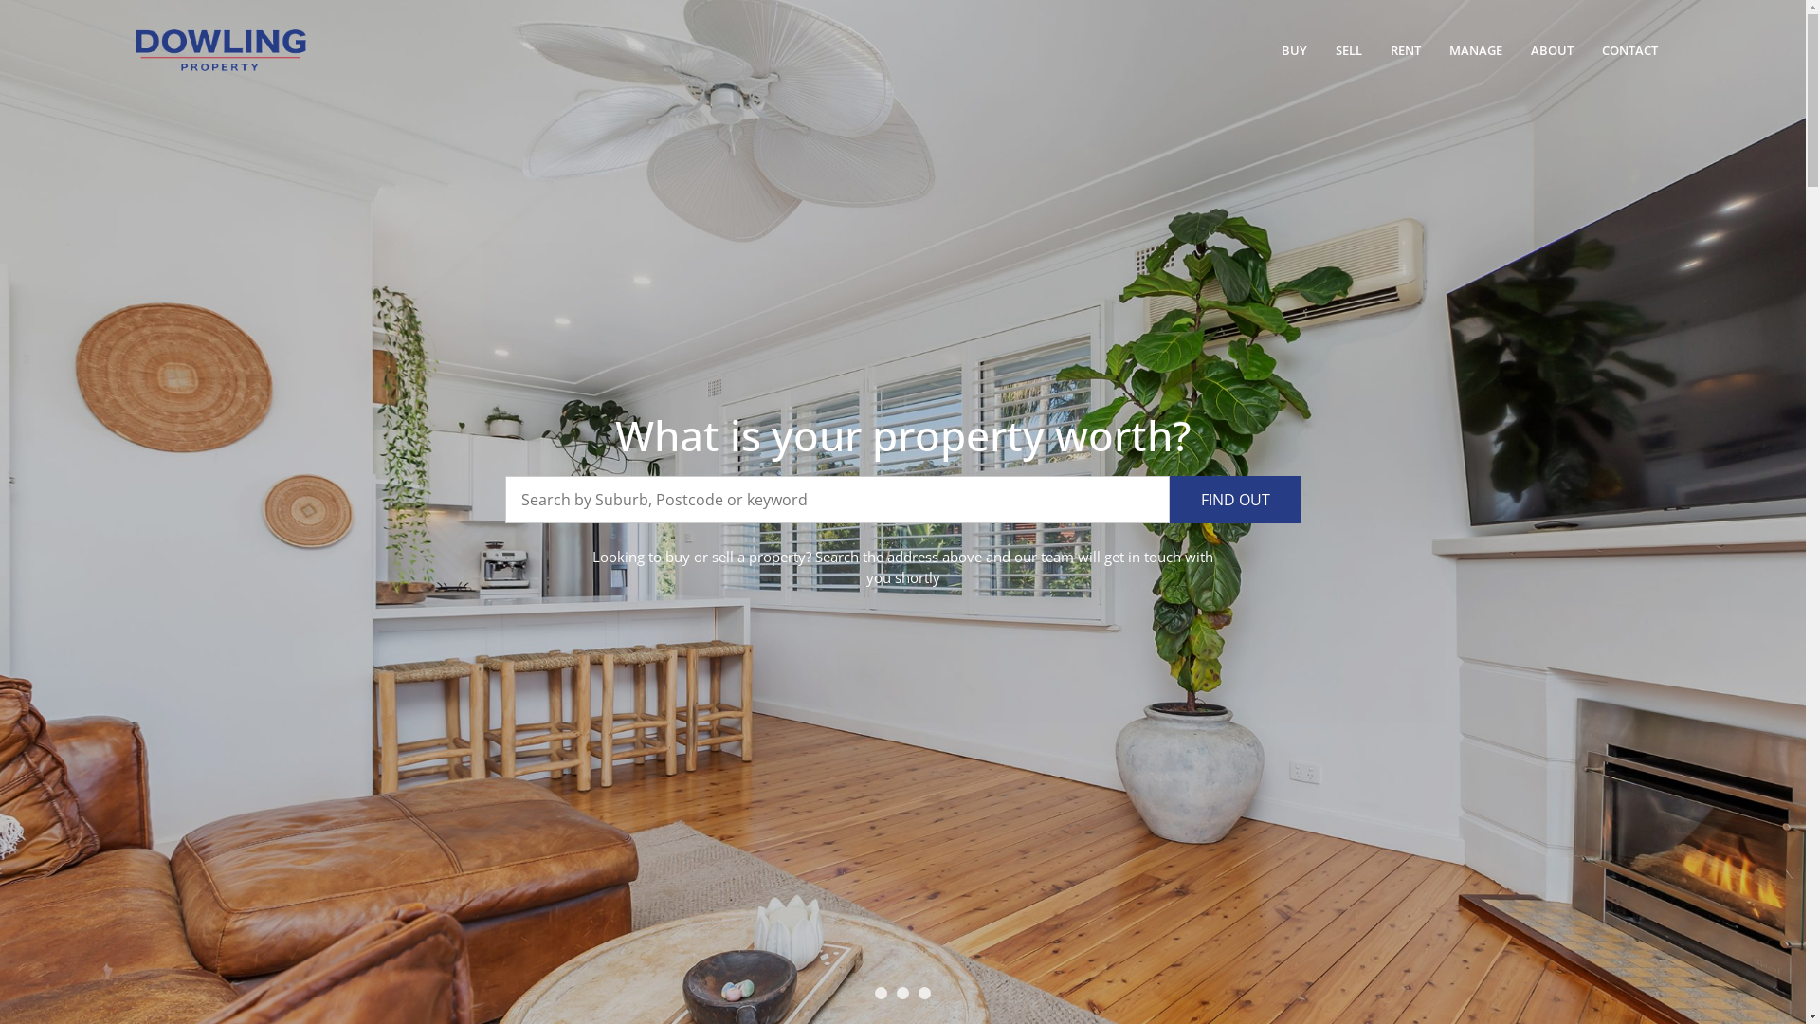  Describe the element at coordinates (1629, 49) in the screenshot. I see `'CONTACT'` at that location.